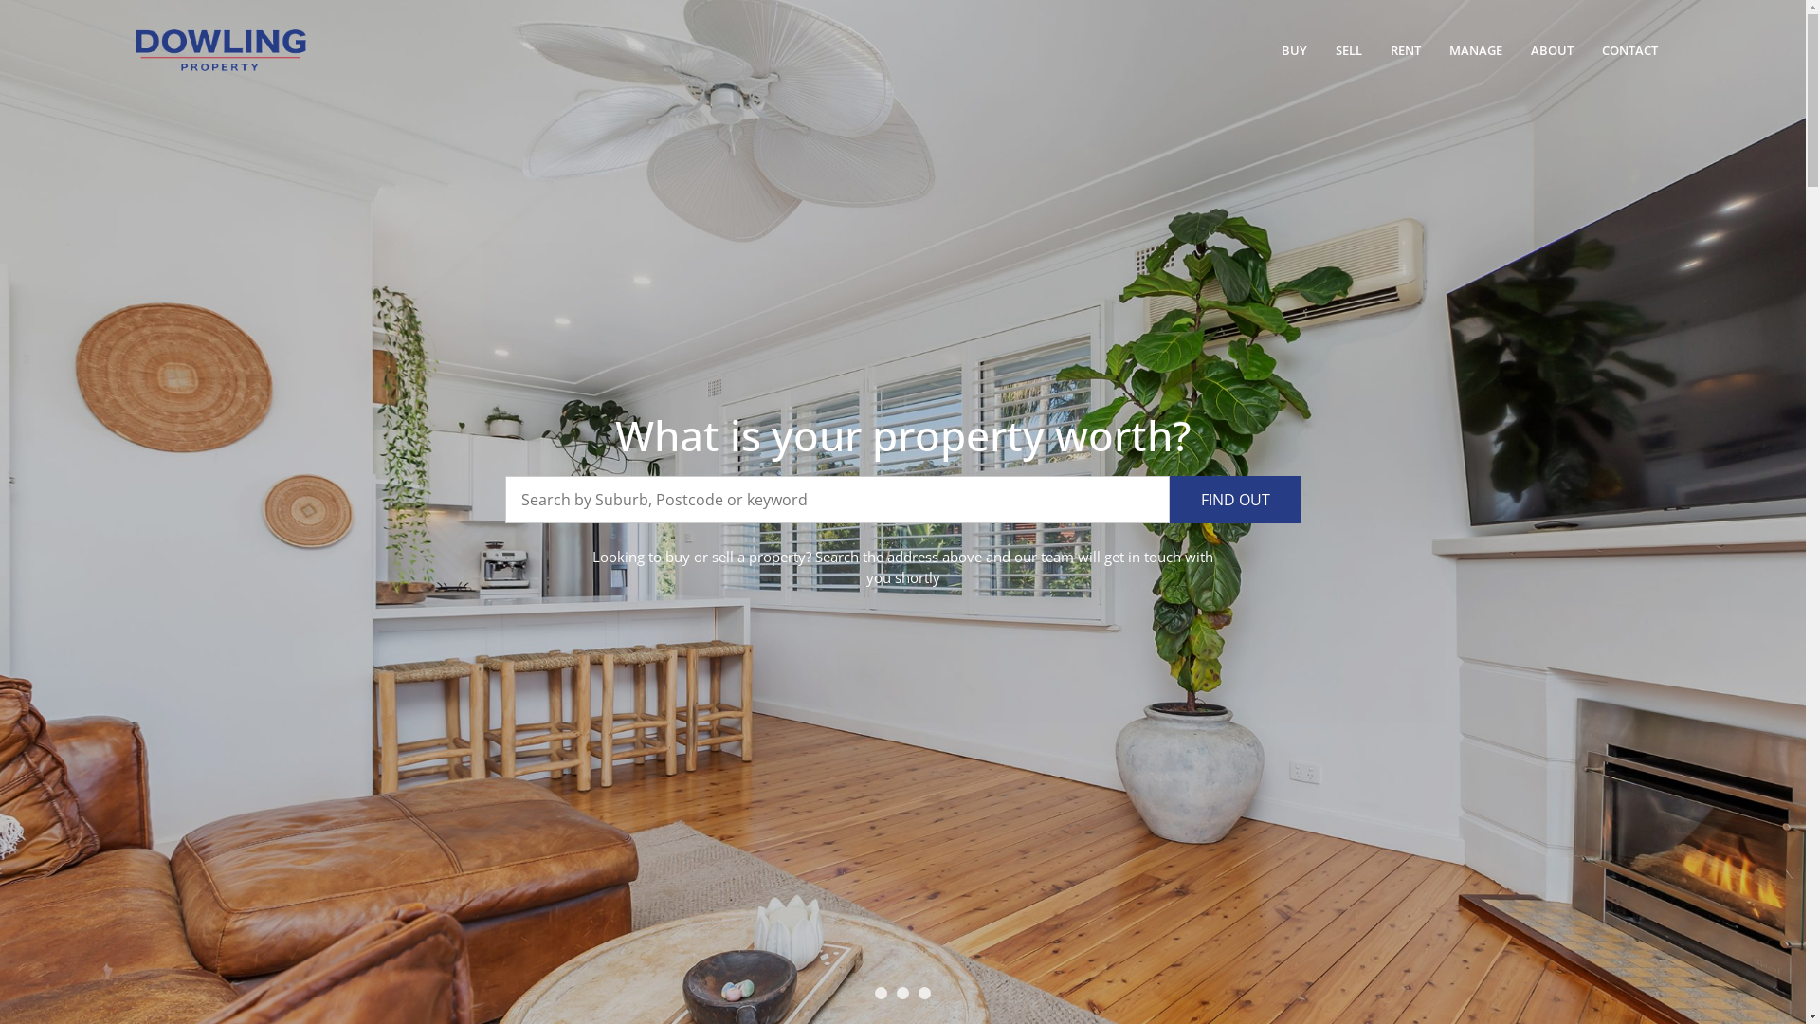  Describe the element at coordinates (1629, 49) in the screenshot. I see `'CONTACT'` at that location.